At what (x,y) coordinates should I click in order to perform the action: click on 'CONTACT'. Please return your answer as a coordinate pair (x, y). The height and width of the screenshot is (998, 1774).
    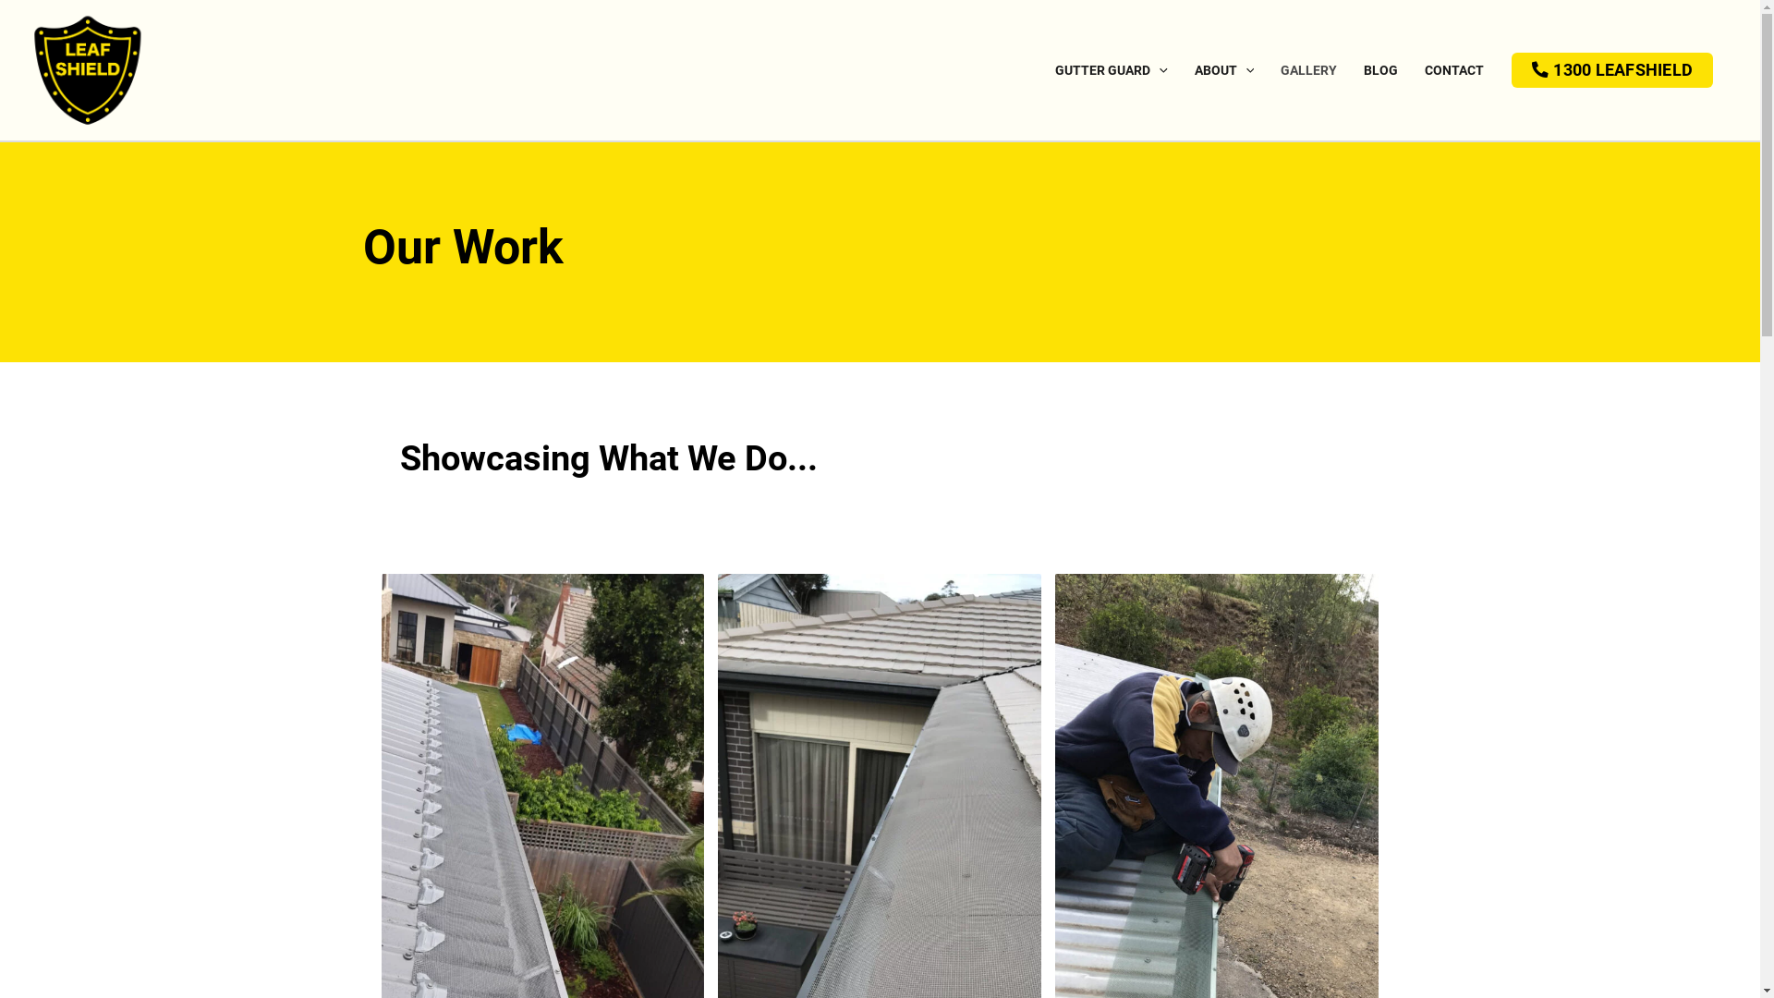
    Looking at the image, I should click on (1452, 70).